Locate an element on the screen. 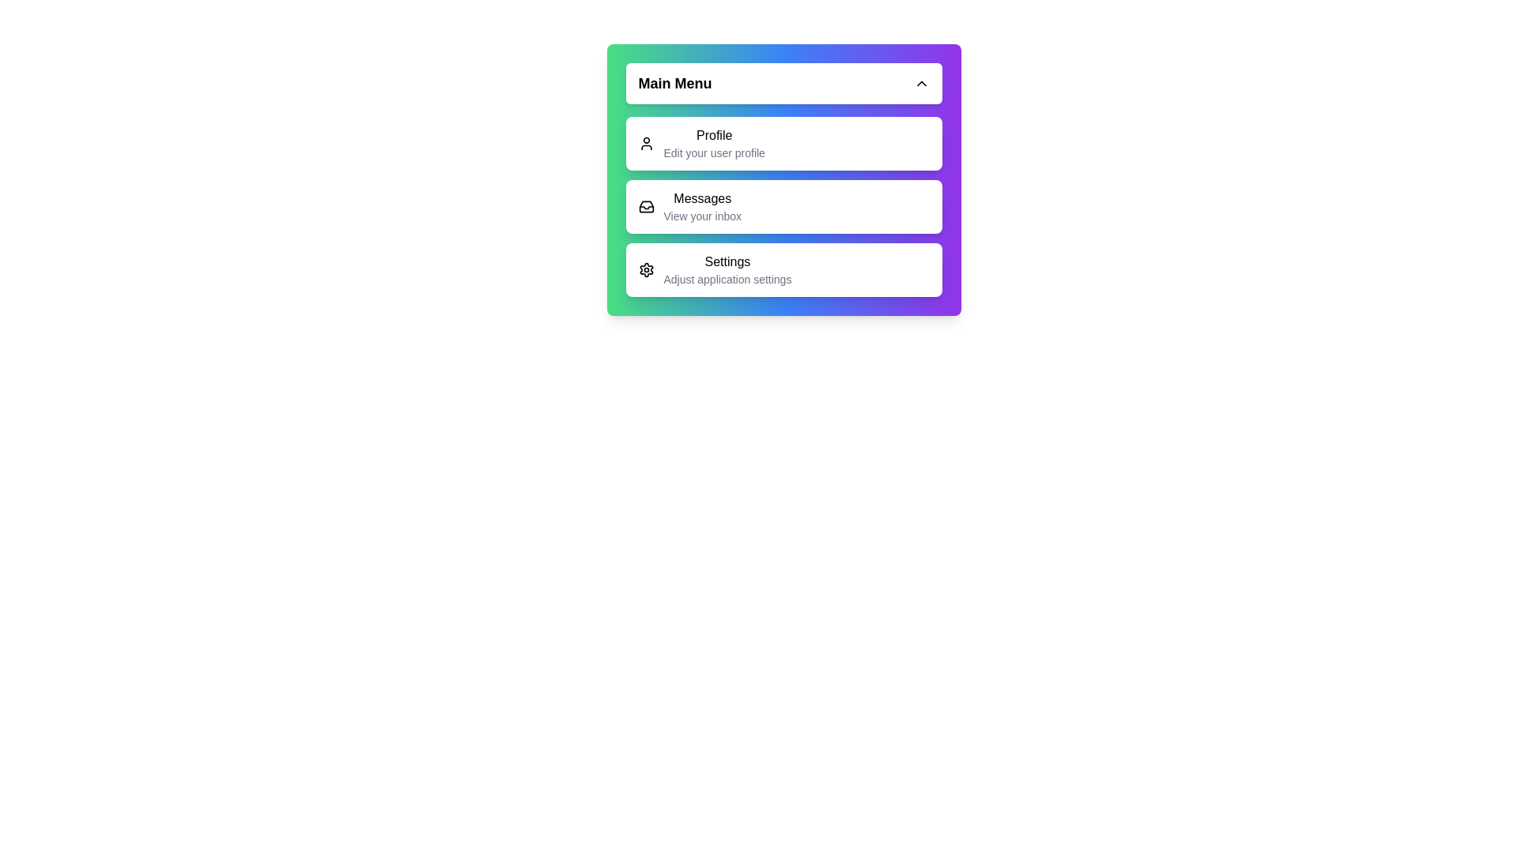 This screenshot has width=1518, height=853. the menu item corresponding to Profile is located at coordinates (784, 143).